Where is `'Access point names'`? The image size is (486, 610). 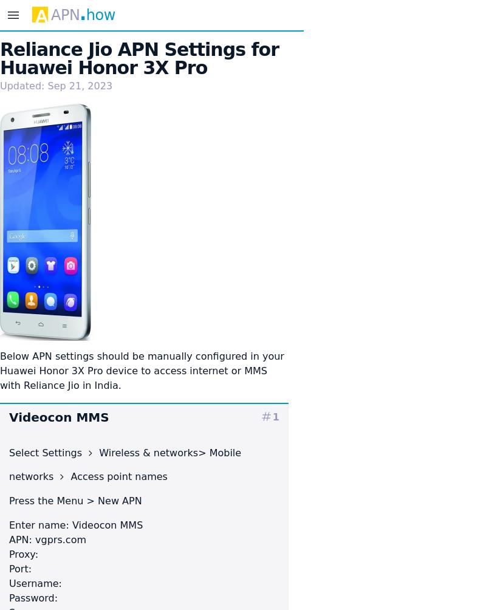
'Access point names' is located at coordinates (117, 476).